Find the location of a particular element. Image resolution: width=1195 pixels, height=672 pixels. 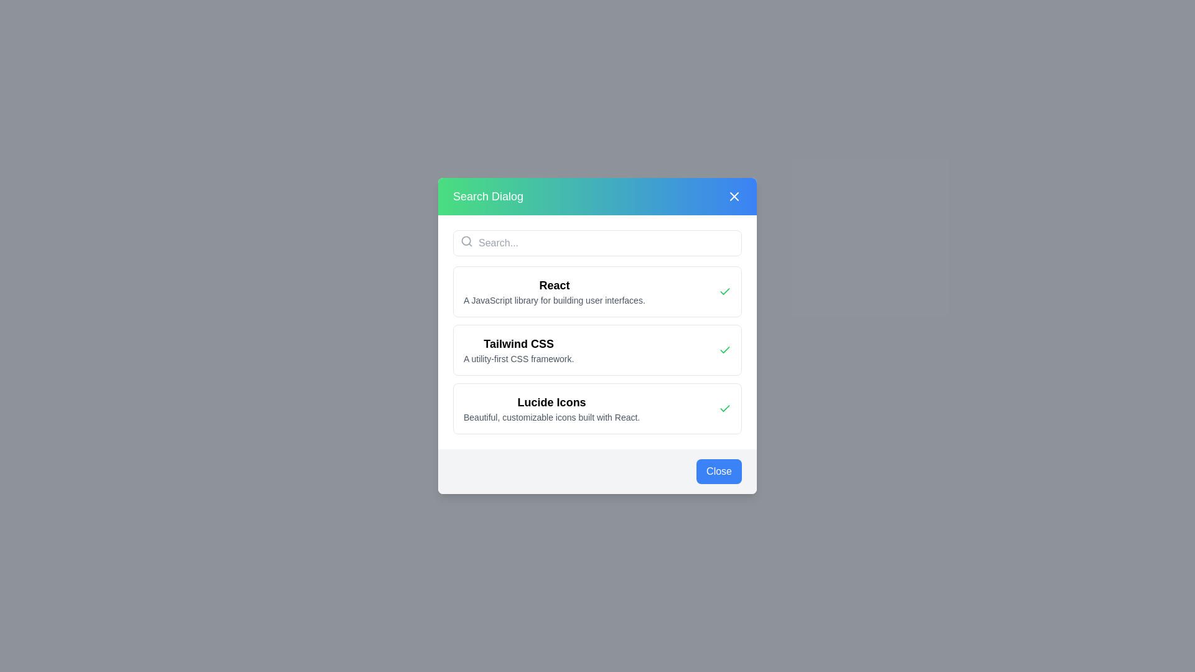

the first list item titled 'React' in the 'Search Dialog', which contains a description and a checkmark icon to indicate selection is located at coordinates (597, 292).